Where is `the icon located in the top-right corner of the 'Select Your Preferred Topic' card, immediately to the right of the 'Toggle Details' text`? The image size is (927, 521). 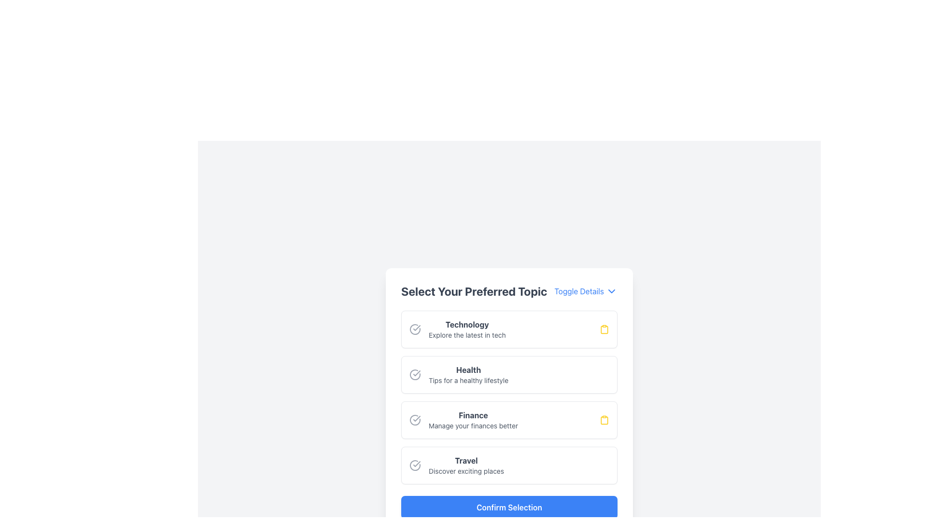
the icon located in the top-right corner of the 'Select Your Preferred Topic' card, immediately to the right of the 'Toggle Details' text is located at coordinates (611, 291).